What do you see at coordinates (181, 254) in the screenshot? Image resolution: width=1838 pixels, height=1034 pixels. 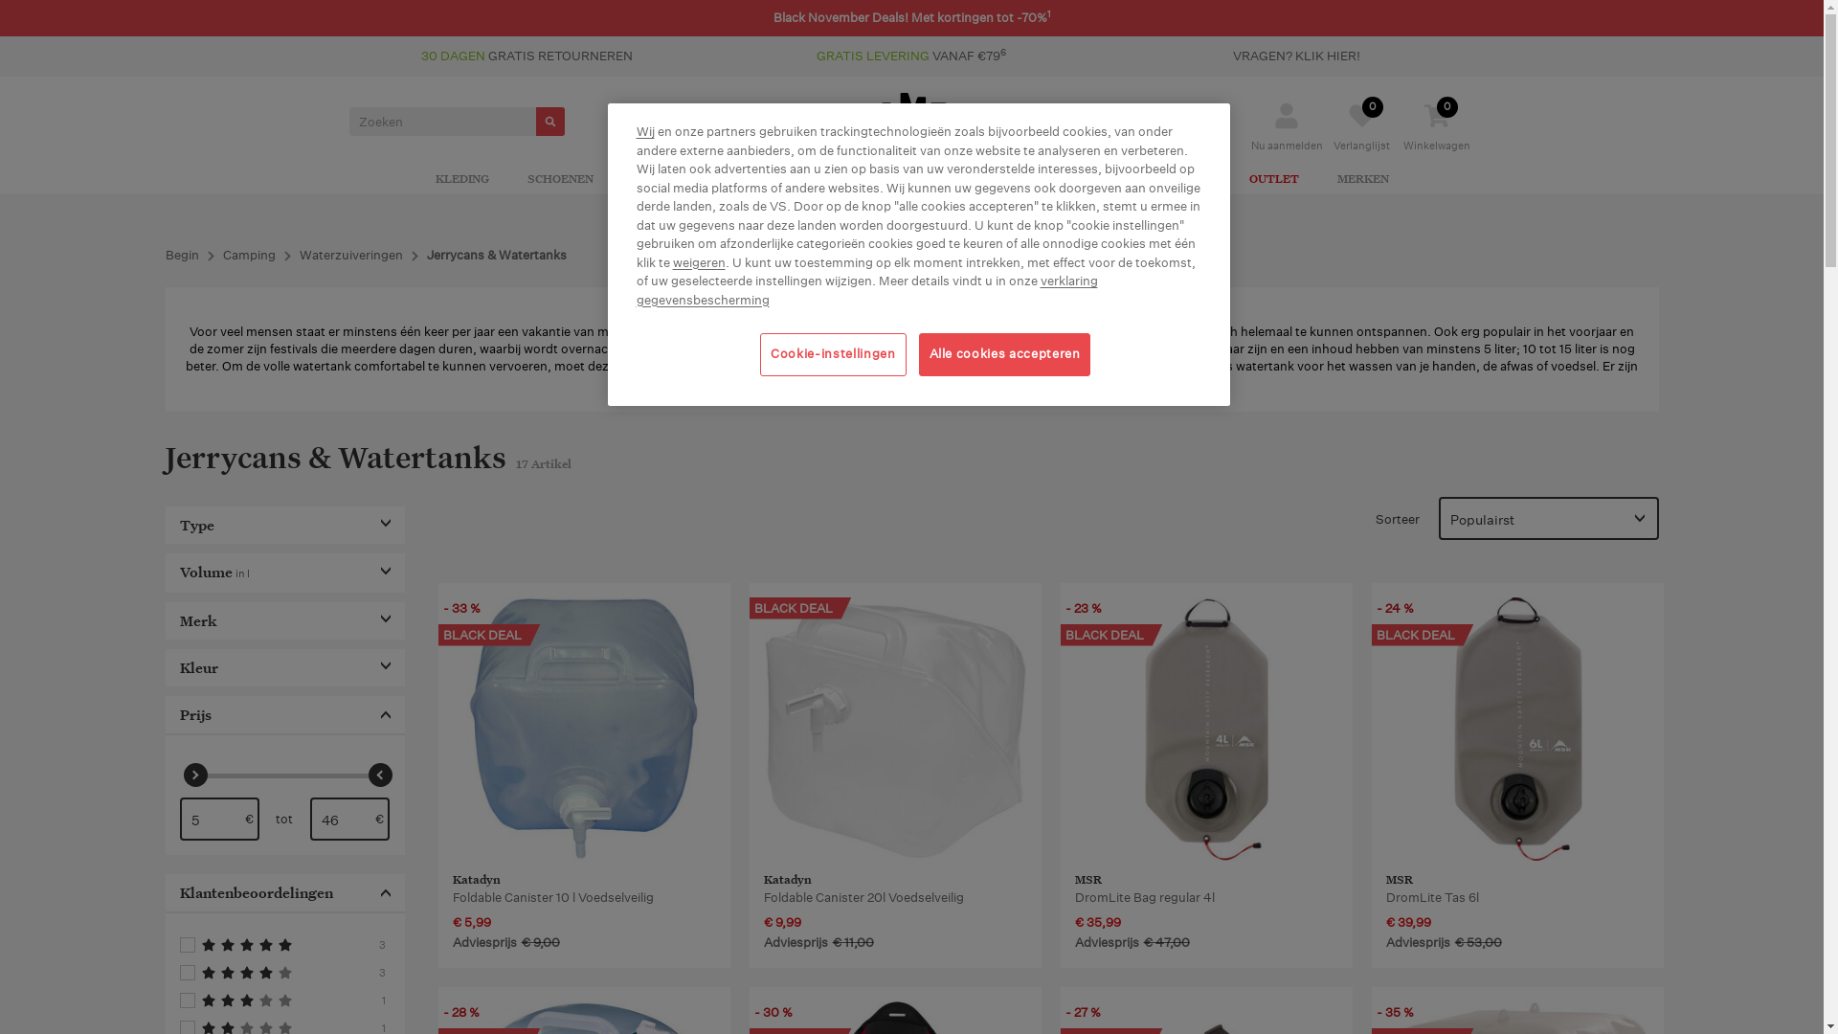 I see `'Begin'` at bounding box center [181, 254].